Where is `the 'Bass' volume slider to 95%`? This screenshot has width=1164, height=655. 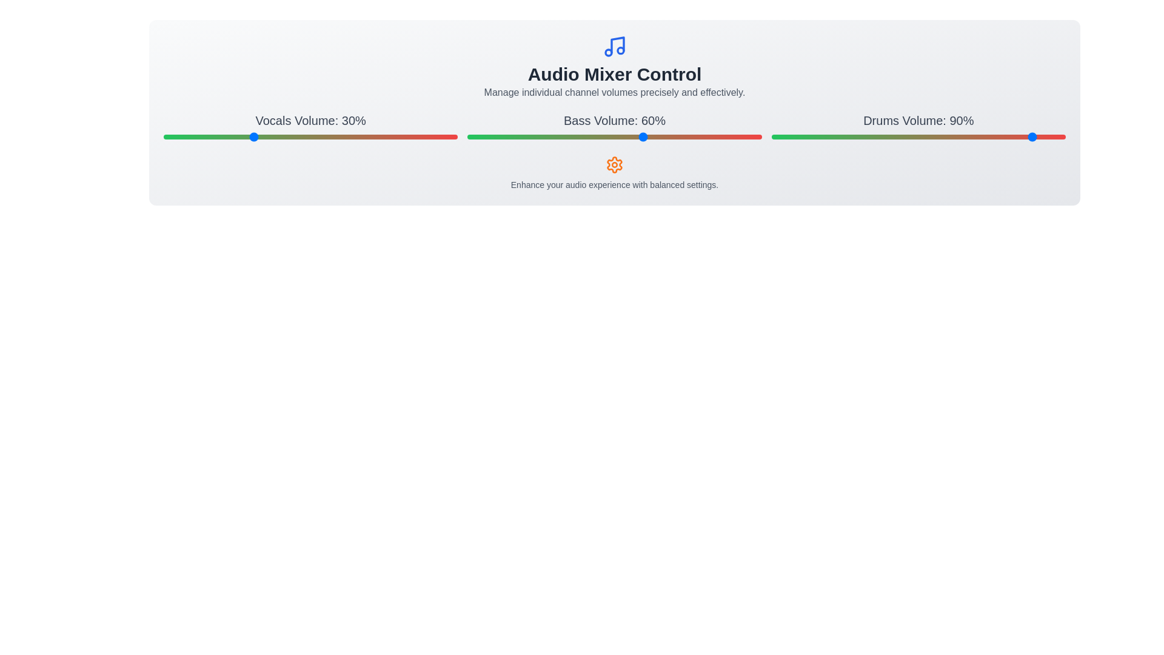 the 'Bass' volume slider to 95% is located at coordinates (746, 136).